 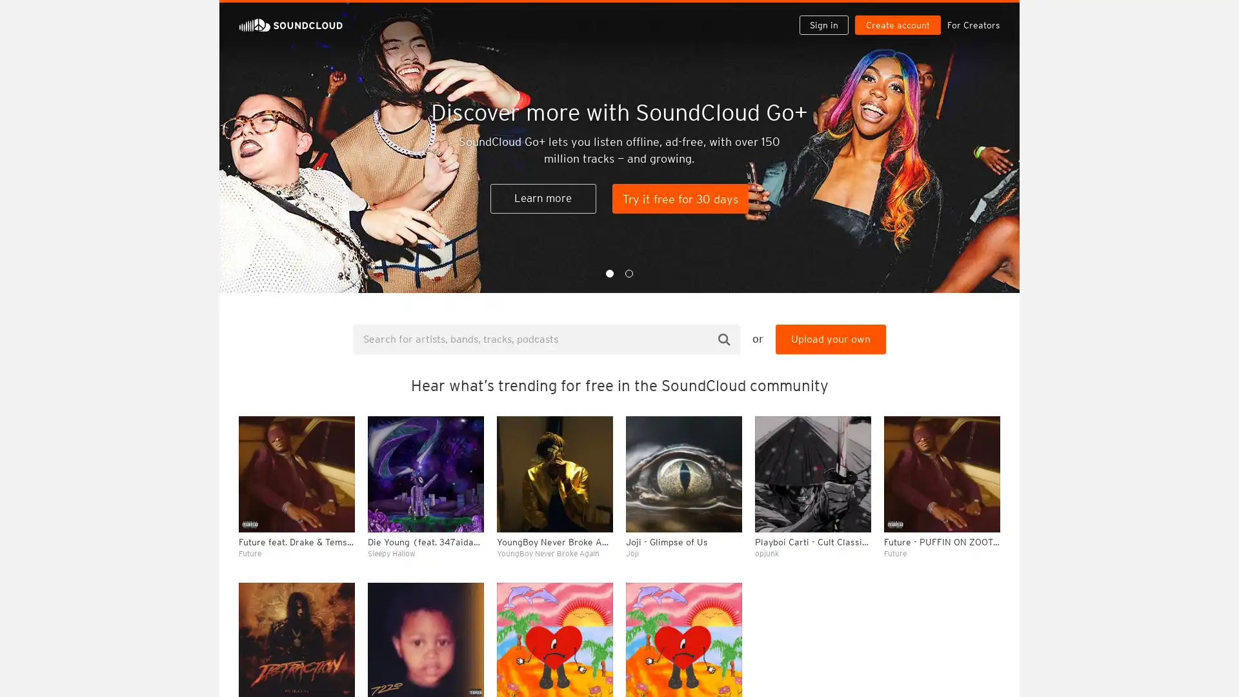 What do you see at coordinates (897, 25) in the screenshot?
I see `Create a SoundCloud account` at bounding box center [897, 25].